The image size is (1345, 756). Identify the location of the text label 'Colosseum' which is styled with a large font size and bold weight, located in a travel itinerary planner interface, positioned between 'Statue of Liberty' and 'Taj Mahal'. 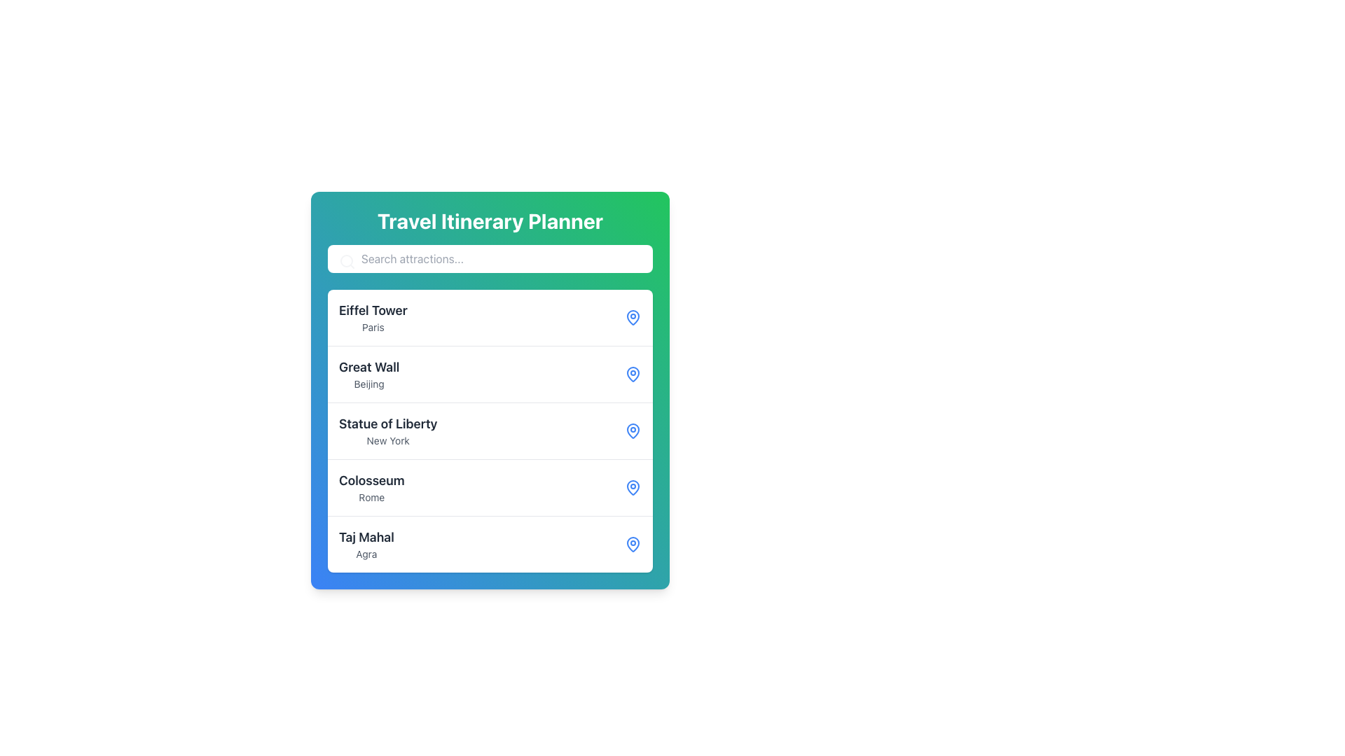
(371, 479).